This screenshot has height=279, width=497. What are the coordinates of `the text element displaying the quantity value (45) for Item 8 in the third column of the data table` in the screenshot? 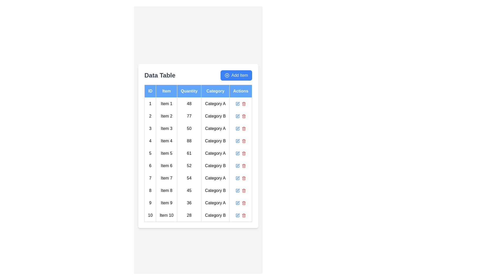 It's located at (189, 190).